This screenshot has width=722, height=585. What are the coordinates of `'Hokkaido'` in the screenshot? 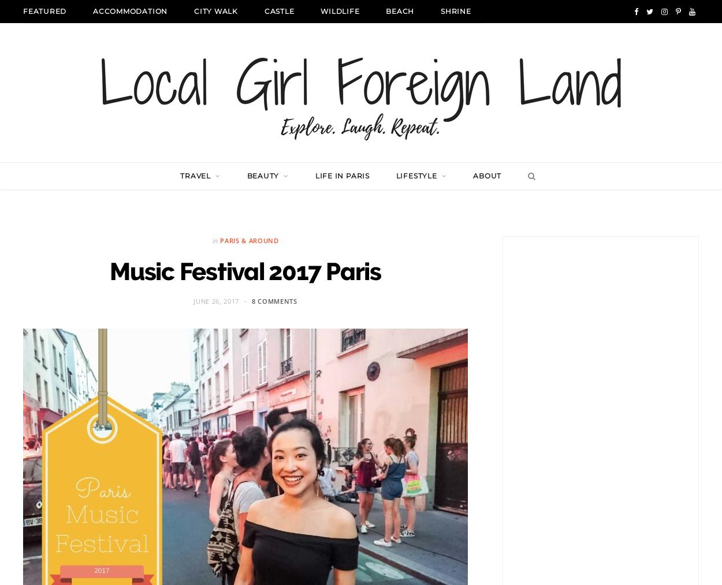 It's located at (492, 367).